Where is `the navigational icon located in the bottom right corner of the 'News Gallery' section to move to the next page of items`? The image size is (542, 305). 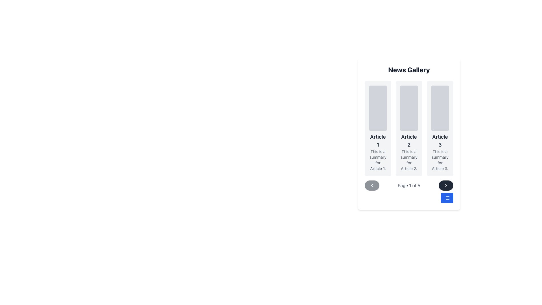 the navigational icon located in the bottom right corner of the 'News Gallery' section to move to the next page of items is located at coordinates (445, 185).